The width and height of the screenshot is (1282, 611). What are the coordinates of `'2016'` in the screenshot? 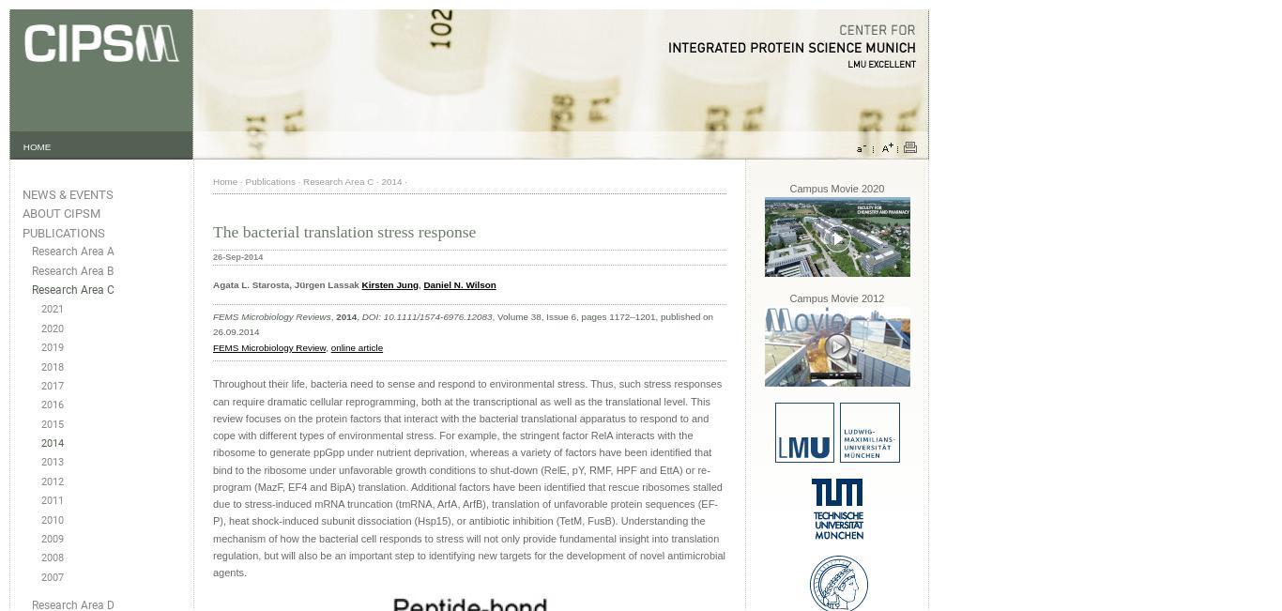 It's located at (40, 405).